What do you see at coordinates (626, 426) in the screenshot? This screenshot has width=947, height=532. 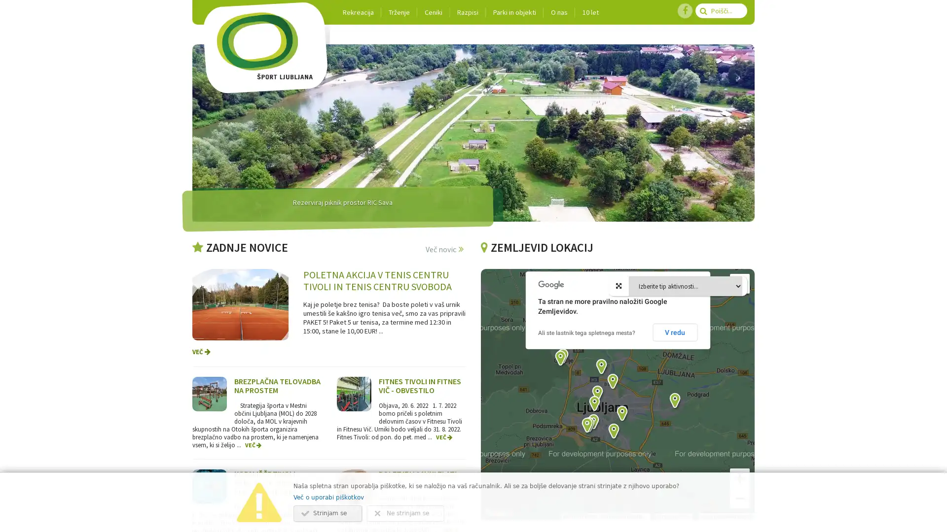 I see `Kako do nas?` at bounding box center [626, 426].